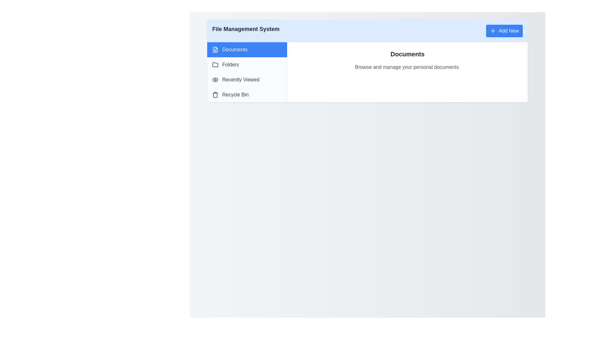  What do you see at coordinates (407, 54) in the screenshot?
I see `displayed text of the Heading element, which serves as the title for the section providing context about the content that follows` at bounding box center [407, 54].